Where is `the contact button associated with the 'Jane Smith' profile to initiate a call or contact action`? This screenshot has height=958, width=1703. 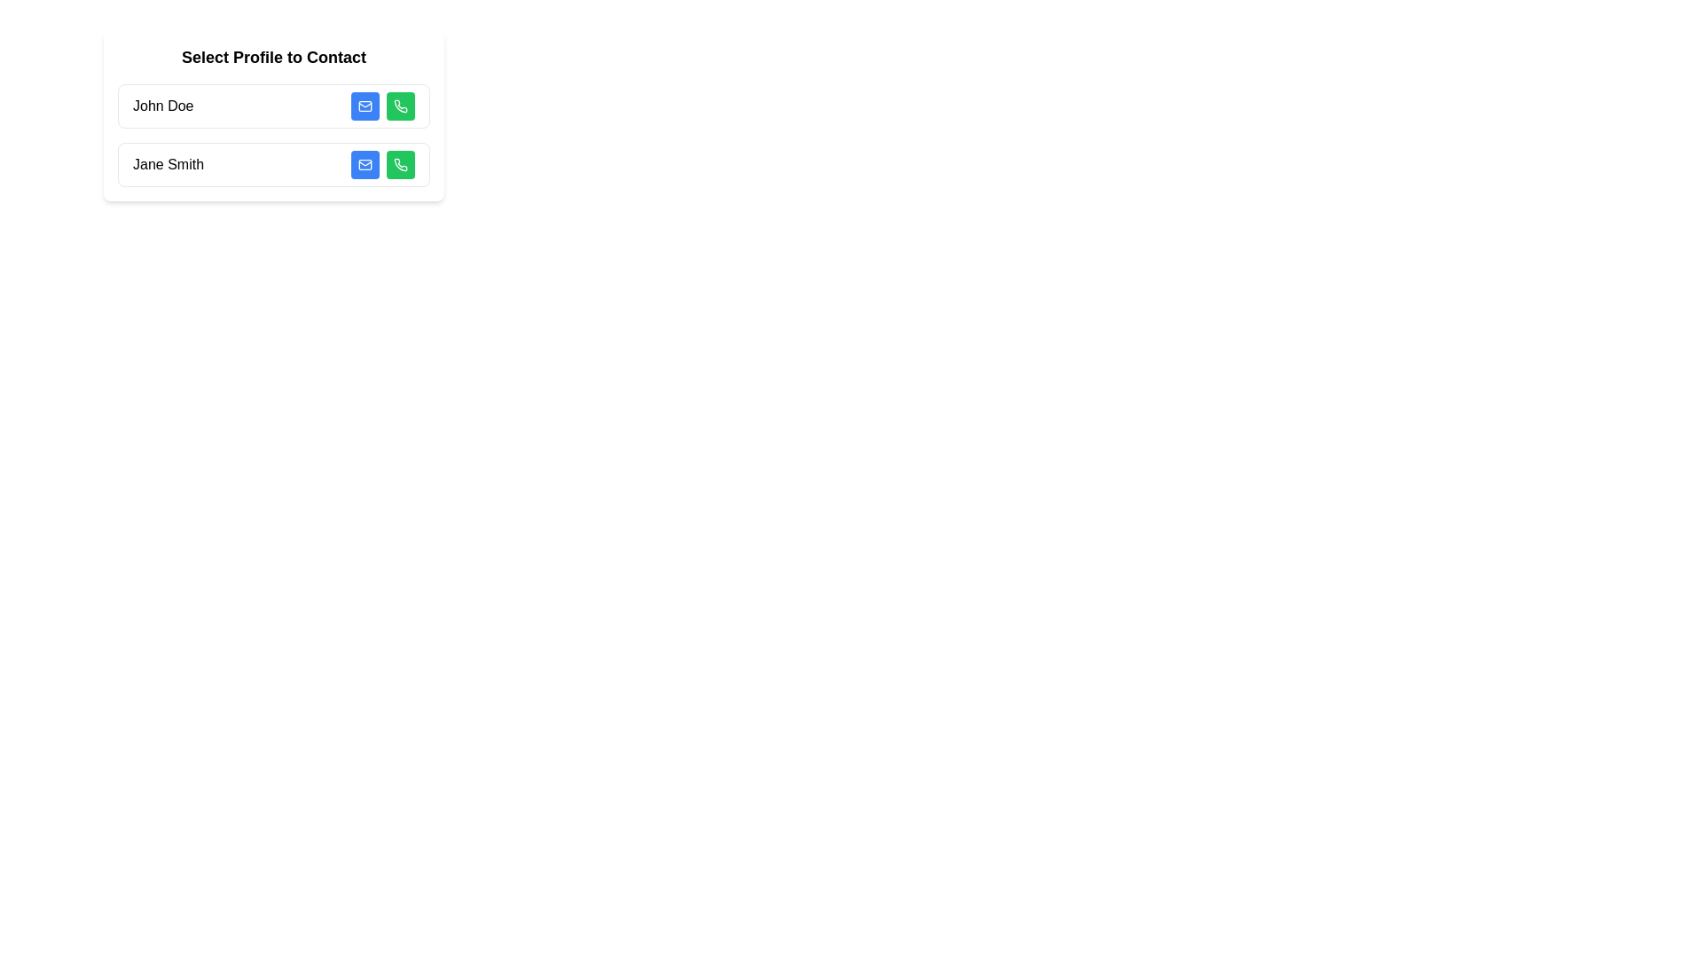
the contact button associated with the 'Jane Smith' profile to initiate a call or contact action is located at coordinates (399, 164).